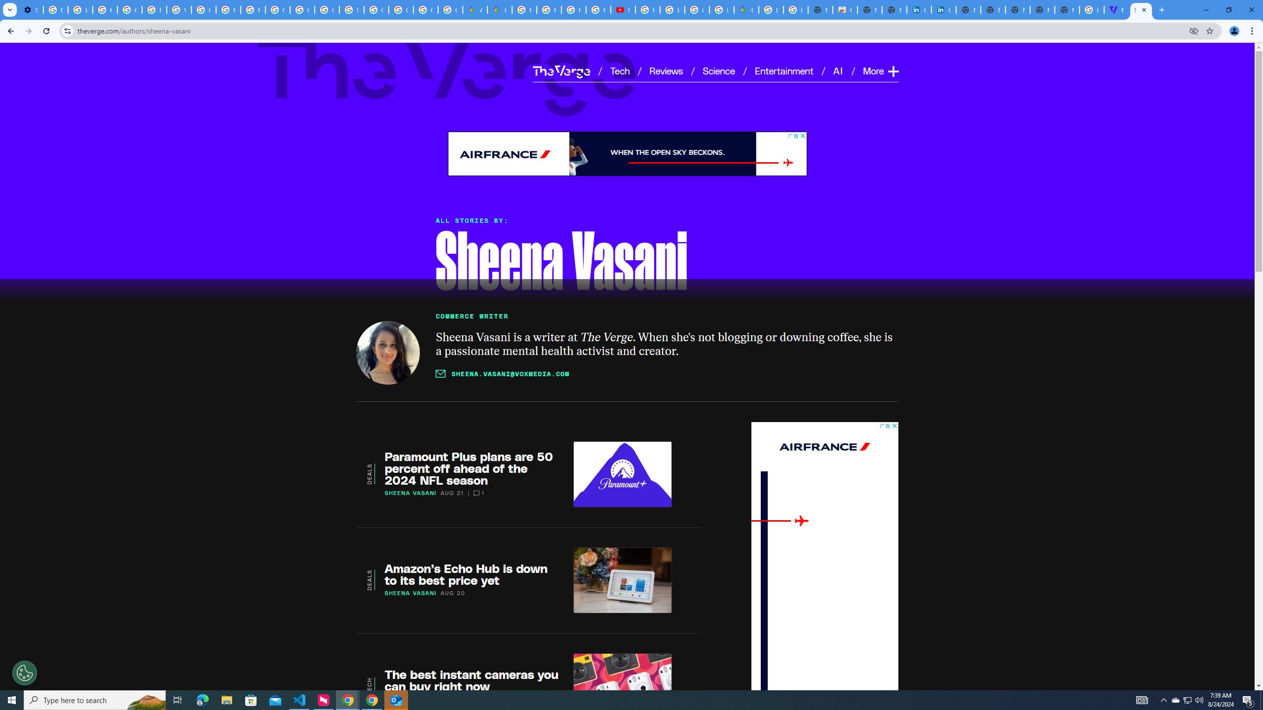 The height and width of the screenshot is (710, 1263). Describe the element at coordinates (943, 9) in the screenshot. I see `'Cookie Policy | LinkedIn'` at that location.